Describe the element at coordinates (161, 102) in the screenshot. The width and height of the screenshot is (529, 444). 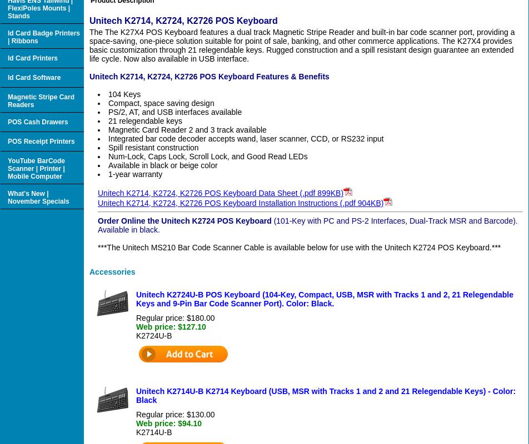
I see `'Compact, space saving design'` at that location.